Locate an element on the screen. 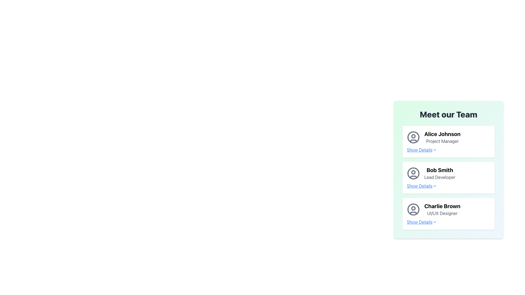 The image size is (525, 295). the text block displaying 'Bob Smith' and 'Lead Developer' in the second team member card is located at coordinates (440, 173).